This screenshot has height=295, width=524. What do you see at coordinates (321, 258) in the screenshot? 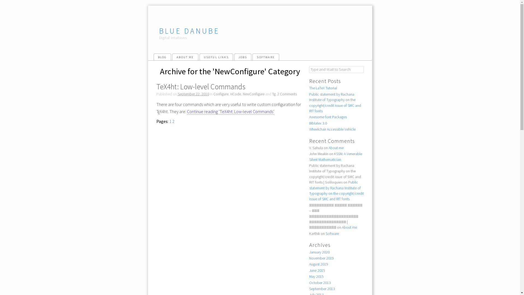
I see `'November 2019'` at bounding box center [321, 258].